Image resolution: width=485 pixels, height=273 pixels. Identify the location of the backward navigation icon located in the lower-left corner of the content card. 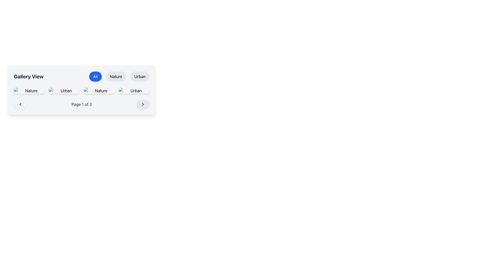
(20, 104).